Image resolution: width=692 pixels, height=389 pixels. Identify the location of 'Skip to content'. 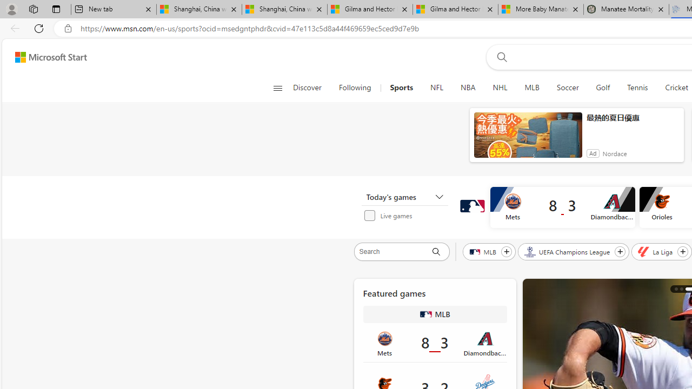
(46, 57).